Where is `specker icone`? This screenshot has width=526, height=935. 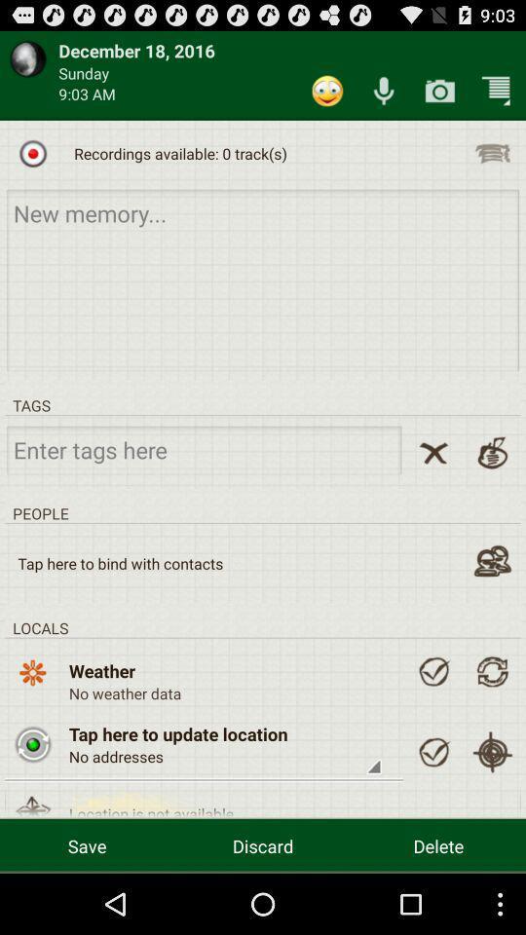
specker icone is located at coordinates (384, 91).